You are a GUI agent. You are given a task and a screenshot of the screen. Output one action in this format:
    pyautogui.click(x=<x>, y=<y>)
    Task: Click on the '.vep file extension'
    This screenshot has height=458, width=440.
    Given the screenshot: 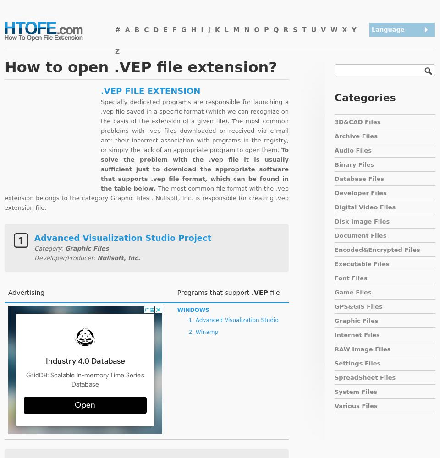 What is the action you would take?
    pyautogui.click(x=101, y=90)
    